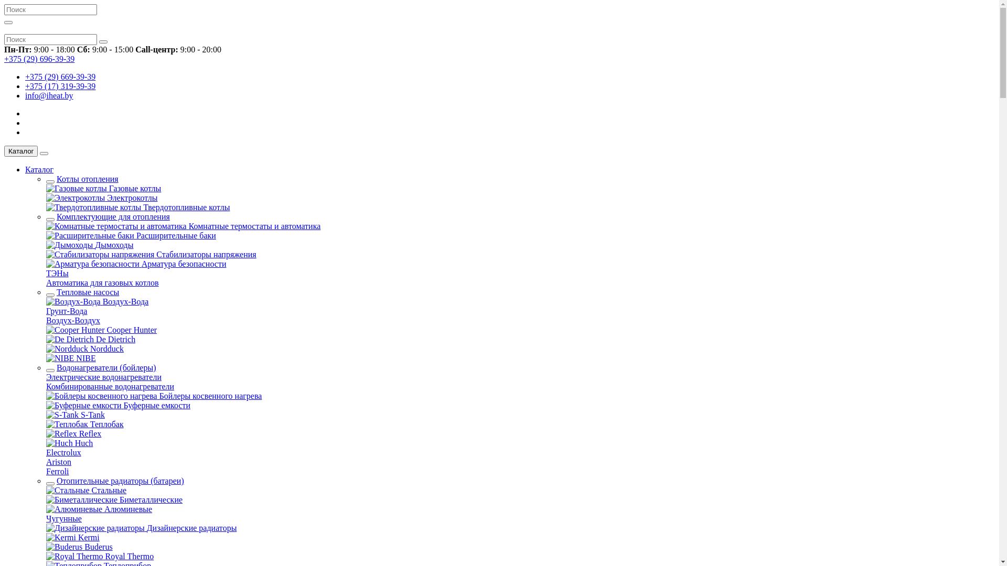 Image resolution: width=1007 pixels, height=566 pixels. I want to click on '+375 (29) 696-39-39', so click(39, 59).